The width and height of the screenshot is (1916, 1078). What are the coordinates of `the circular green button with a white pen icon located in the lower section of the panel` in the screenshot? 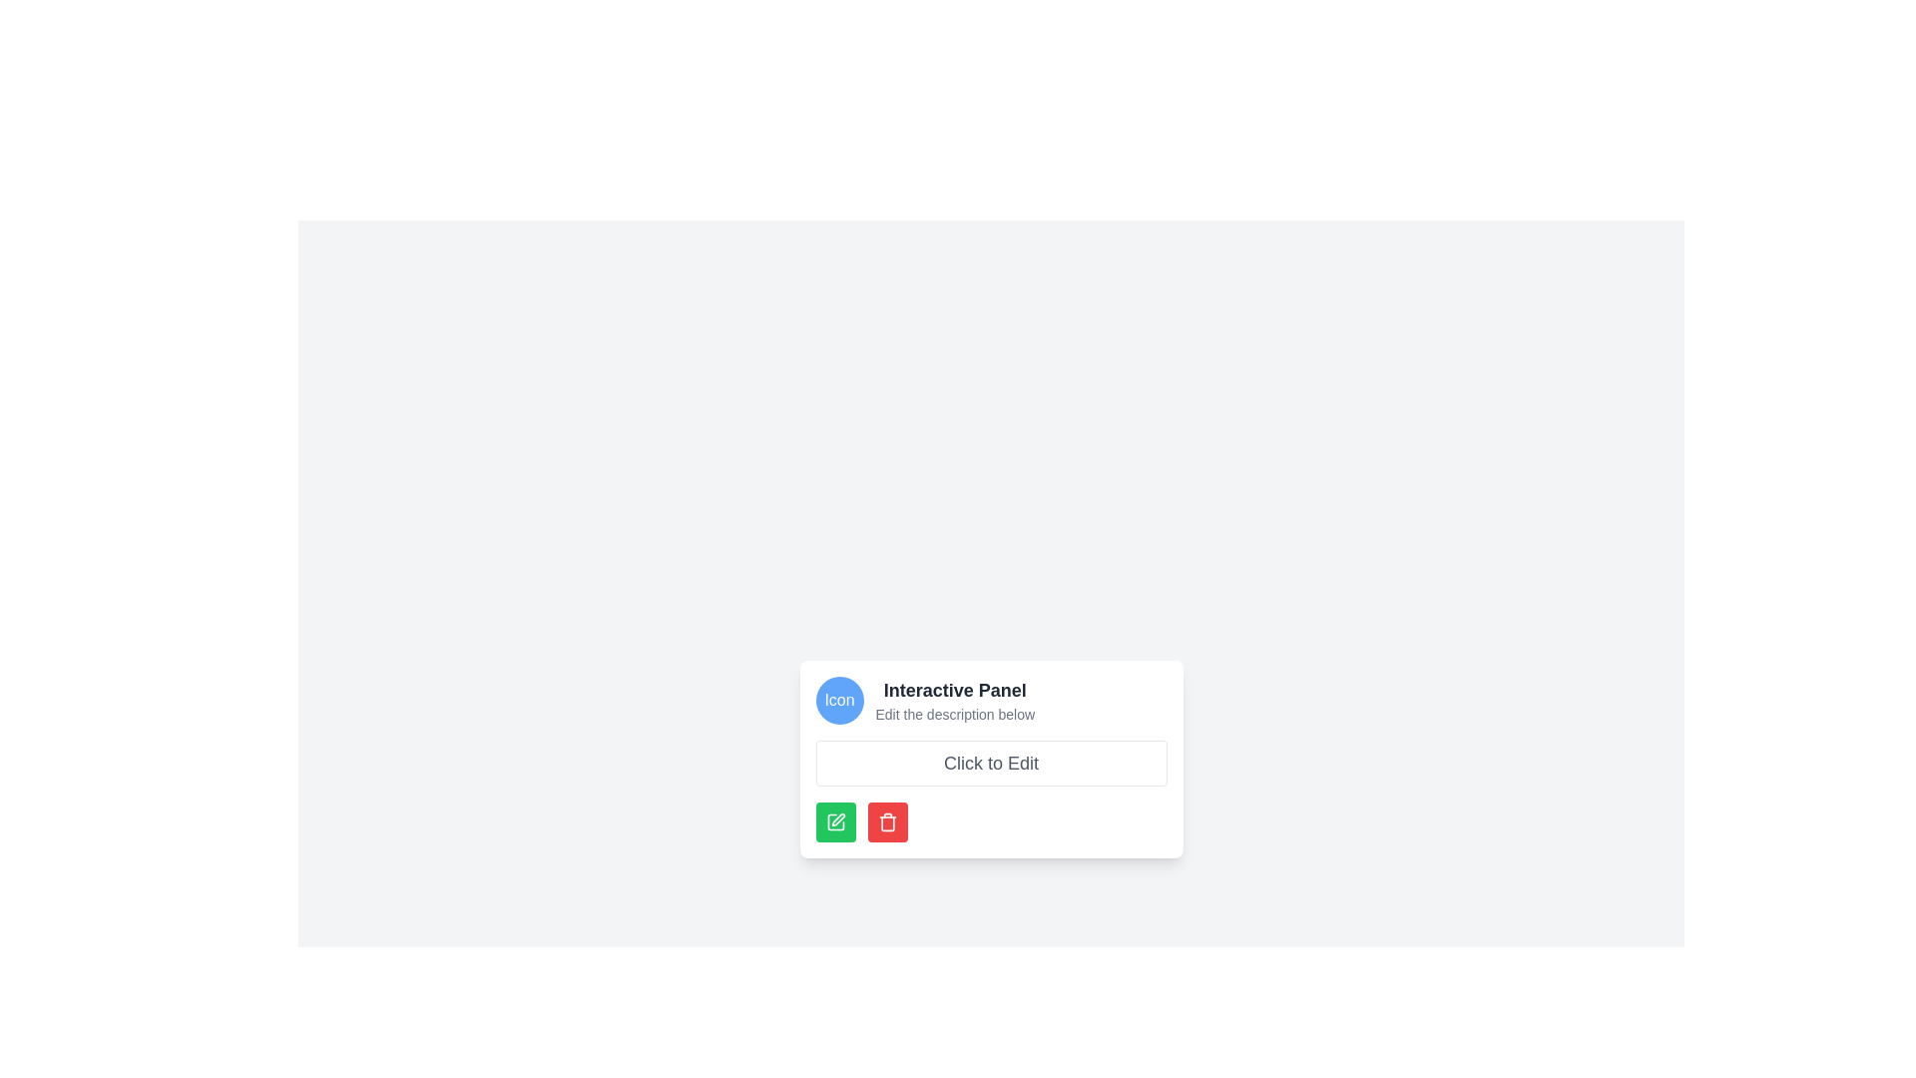 It's located at (835, 822).